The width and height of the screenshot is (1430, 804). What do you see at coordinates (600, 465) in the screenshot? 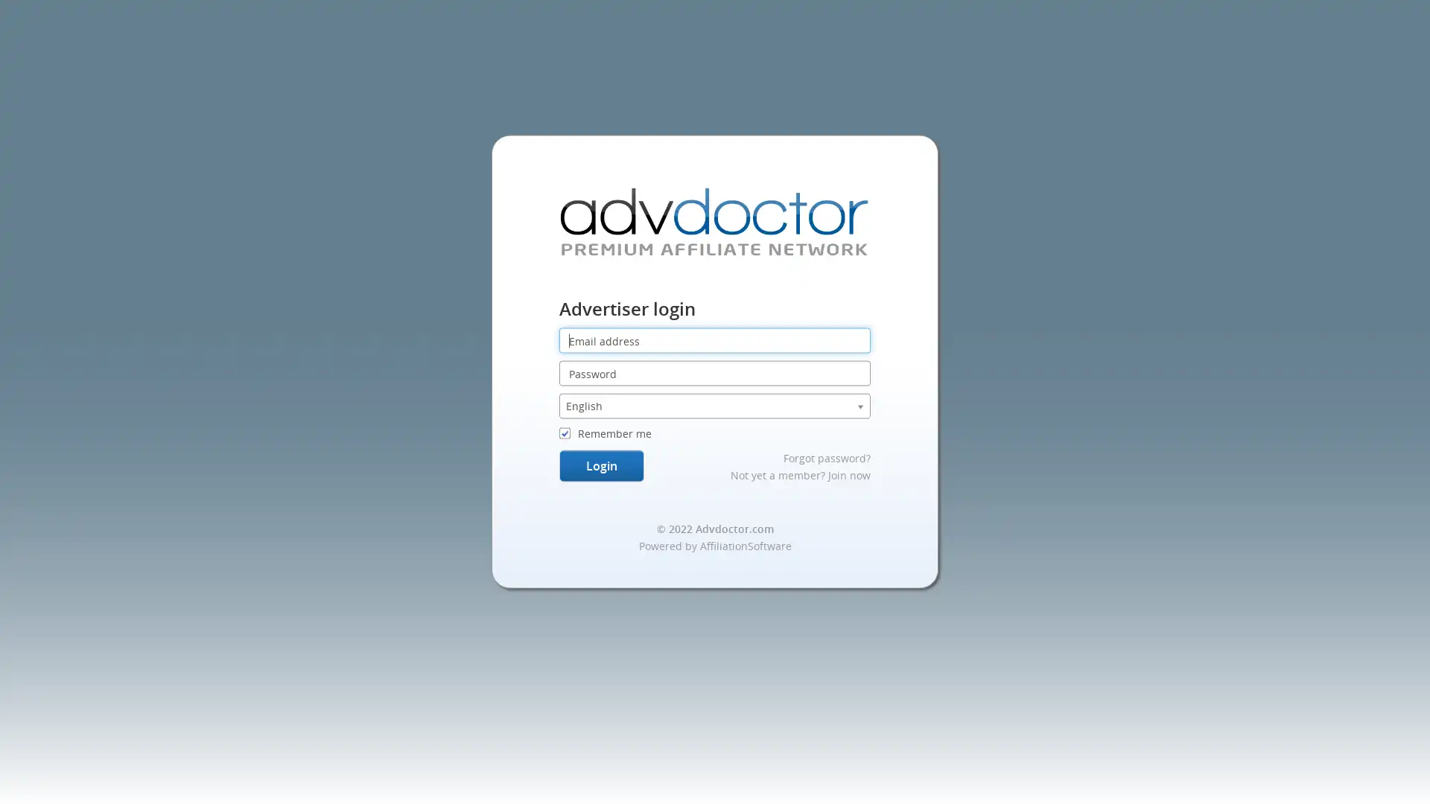
I see `Login` at bounding box center [600, 465].